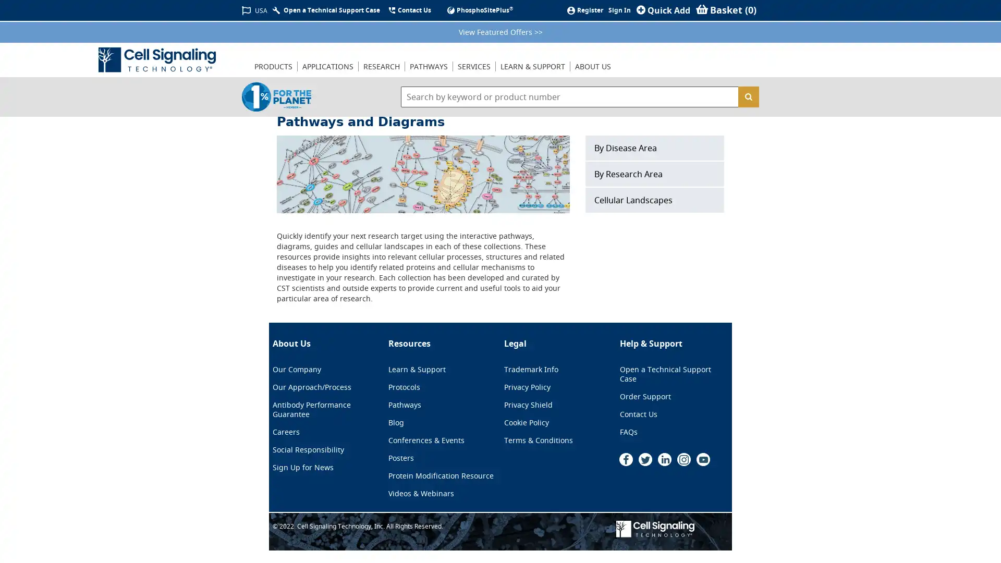  What do you see at coordinates (748, 96) in the screenshot?
I see `search` at bounding box center [748, 96].